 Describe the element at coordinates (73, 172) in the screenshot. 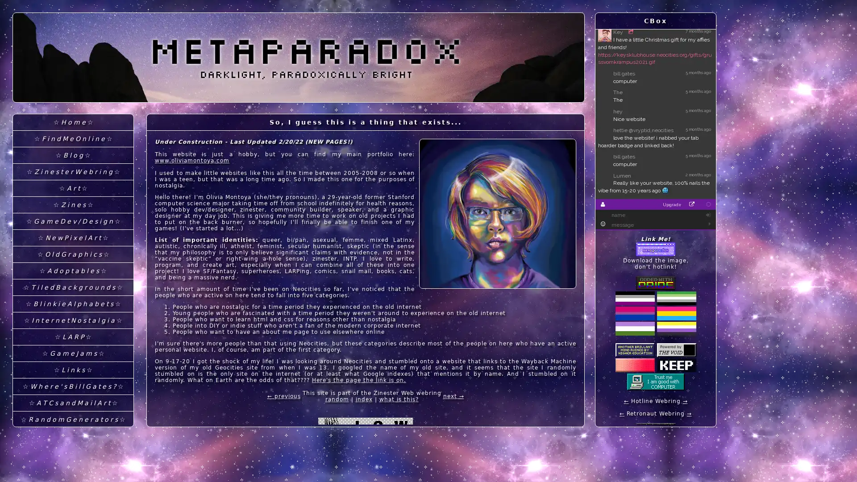

I see `Z i n e s t e r W e b r i n g` at that location.